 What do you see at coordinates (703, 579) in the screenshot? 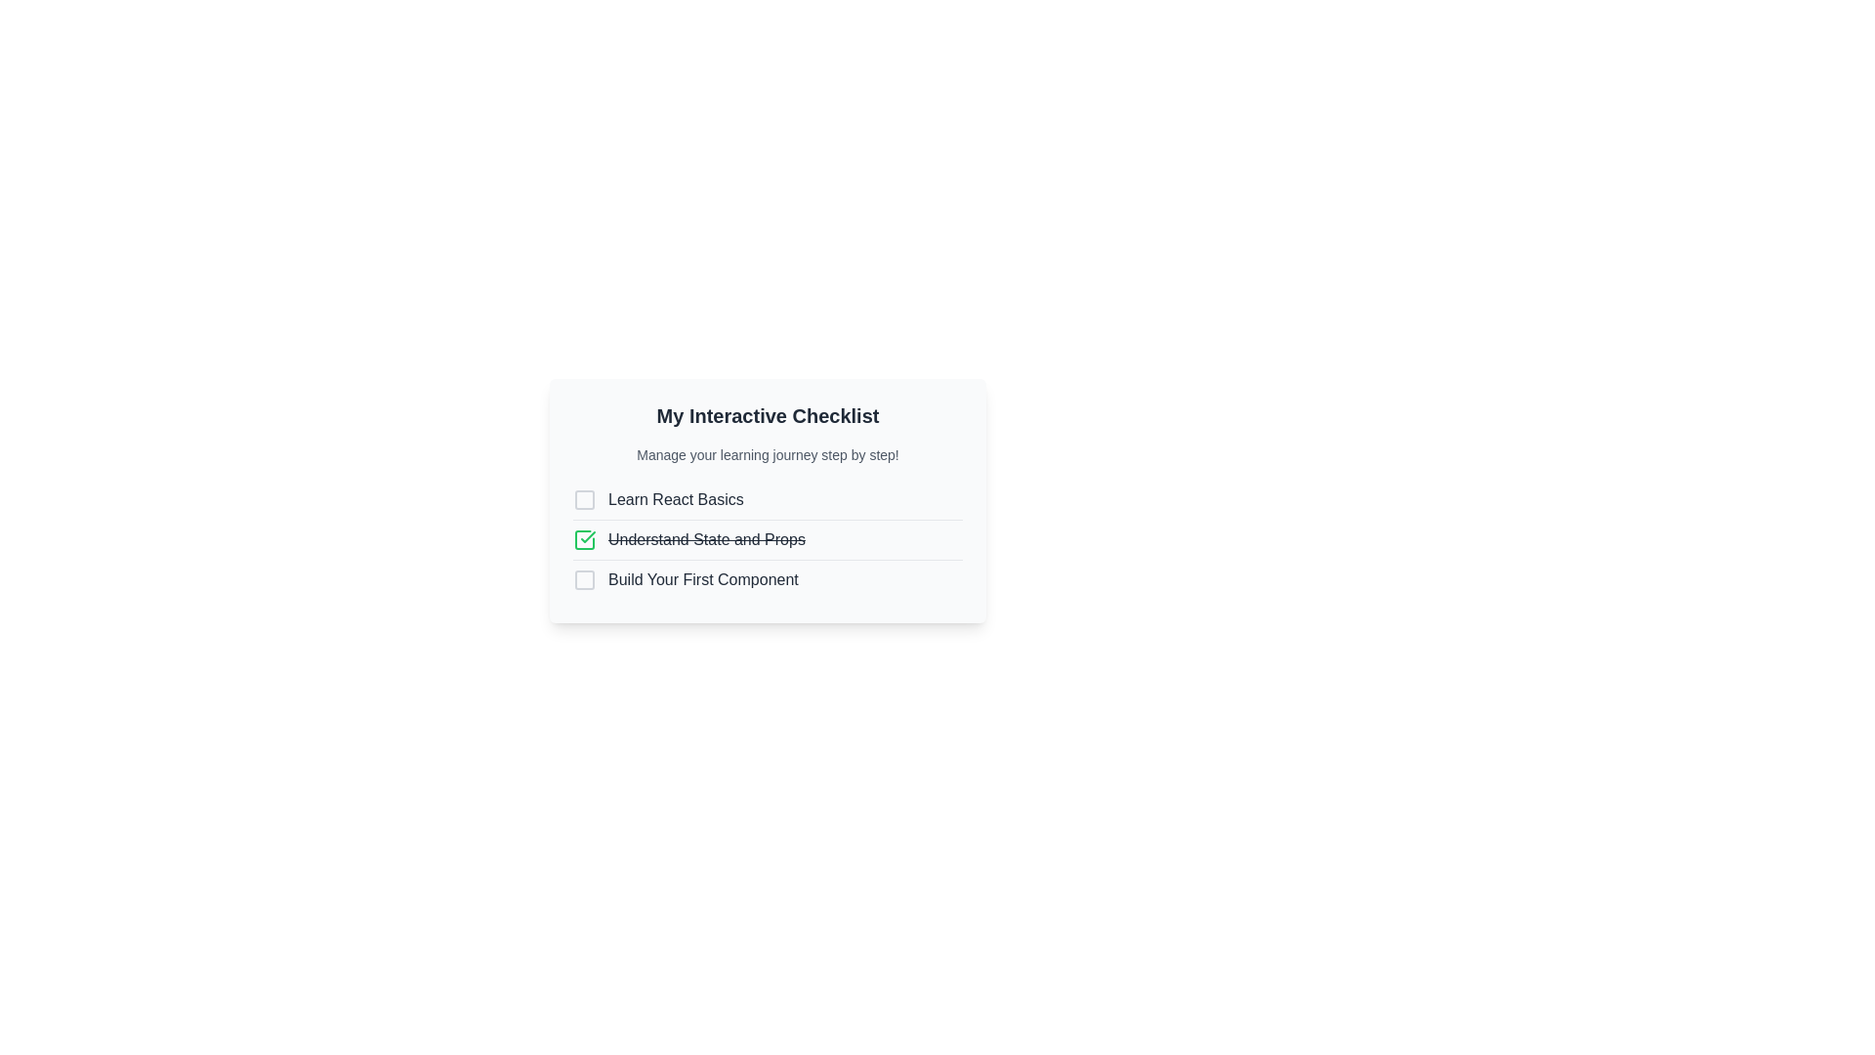
I see `the static text label displaying 'Build Your First Component' in the interactive checklist interface, located in the third row below 'Understand State and Props'` at bounding box center [703, 579].